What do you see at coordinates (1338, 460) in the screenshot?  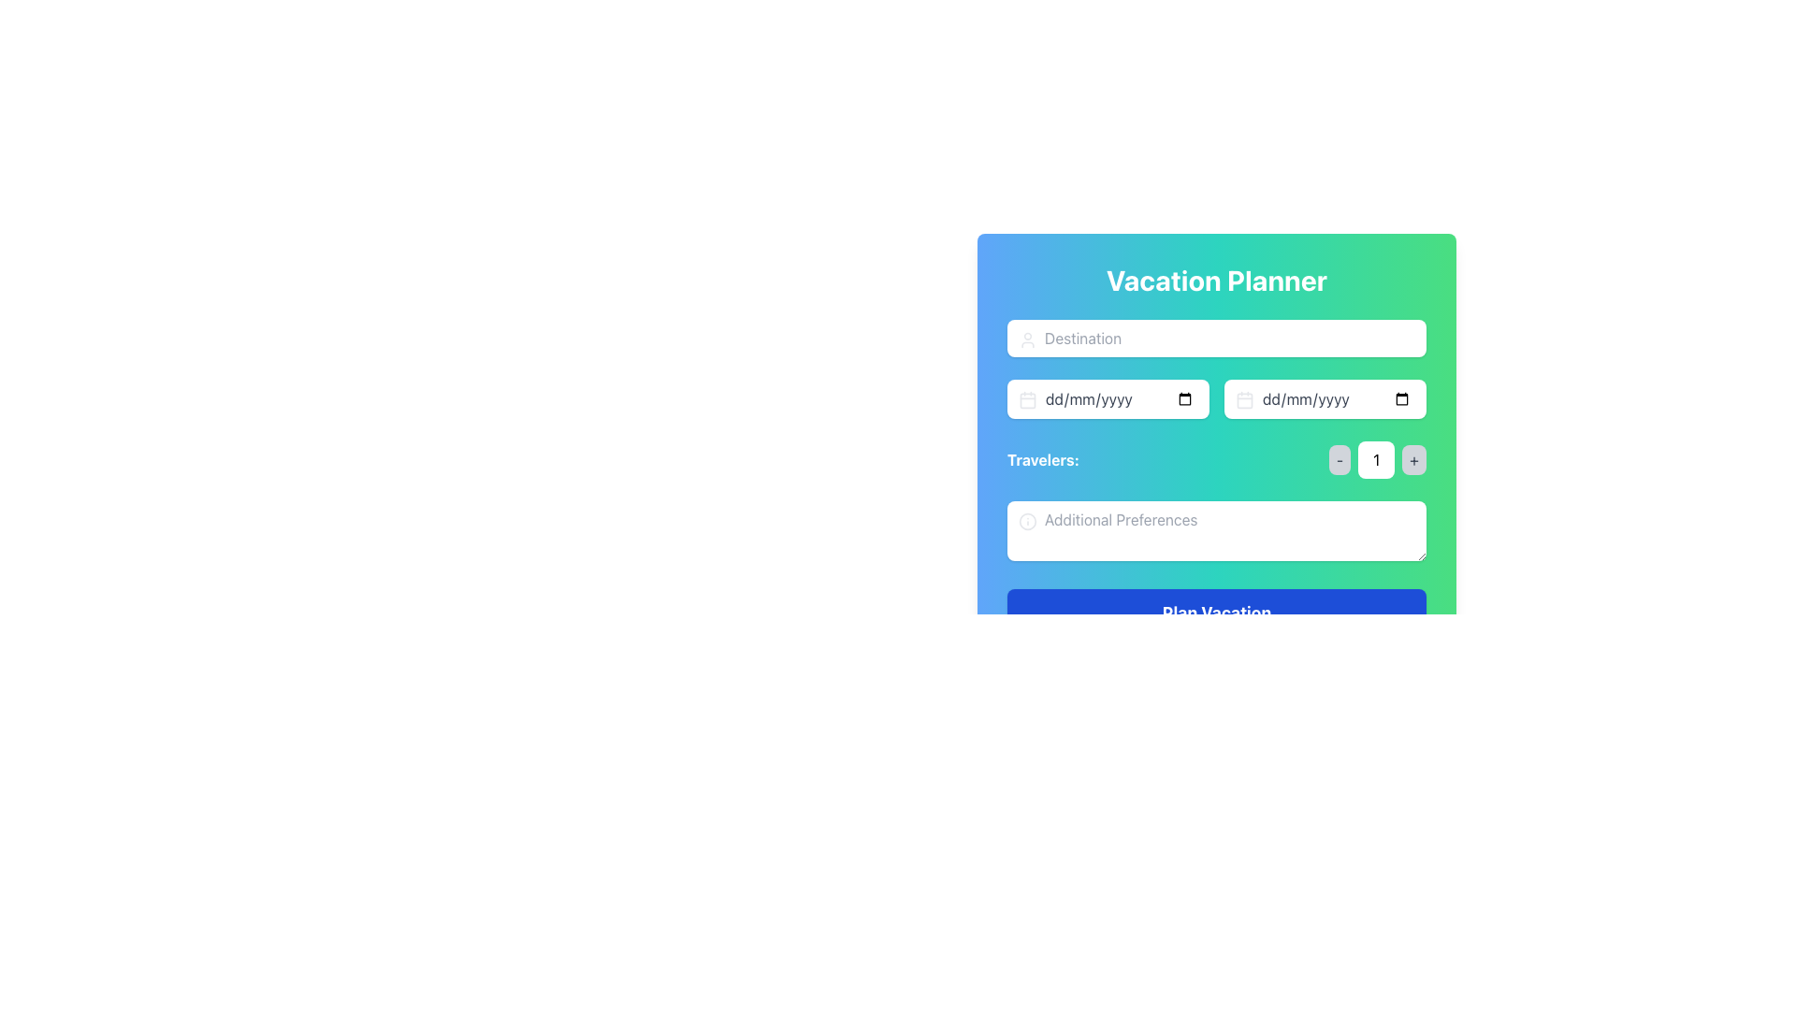 I see `the leftmost button that decrements the number of travelers, located to the left of the numeral '1' in a white rounded box and adjacent to a '+' button` at bounding box center [1338, 460].